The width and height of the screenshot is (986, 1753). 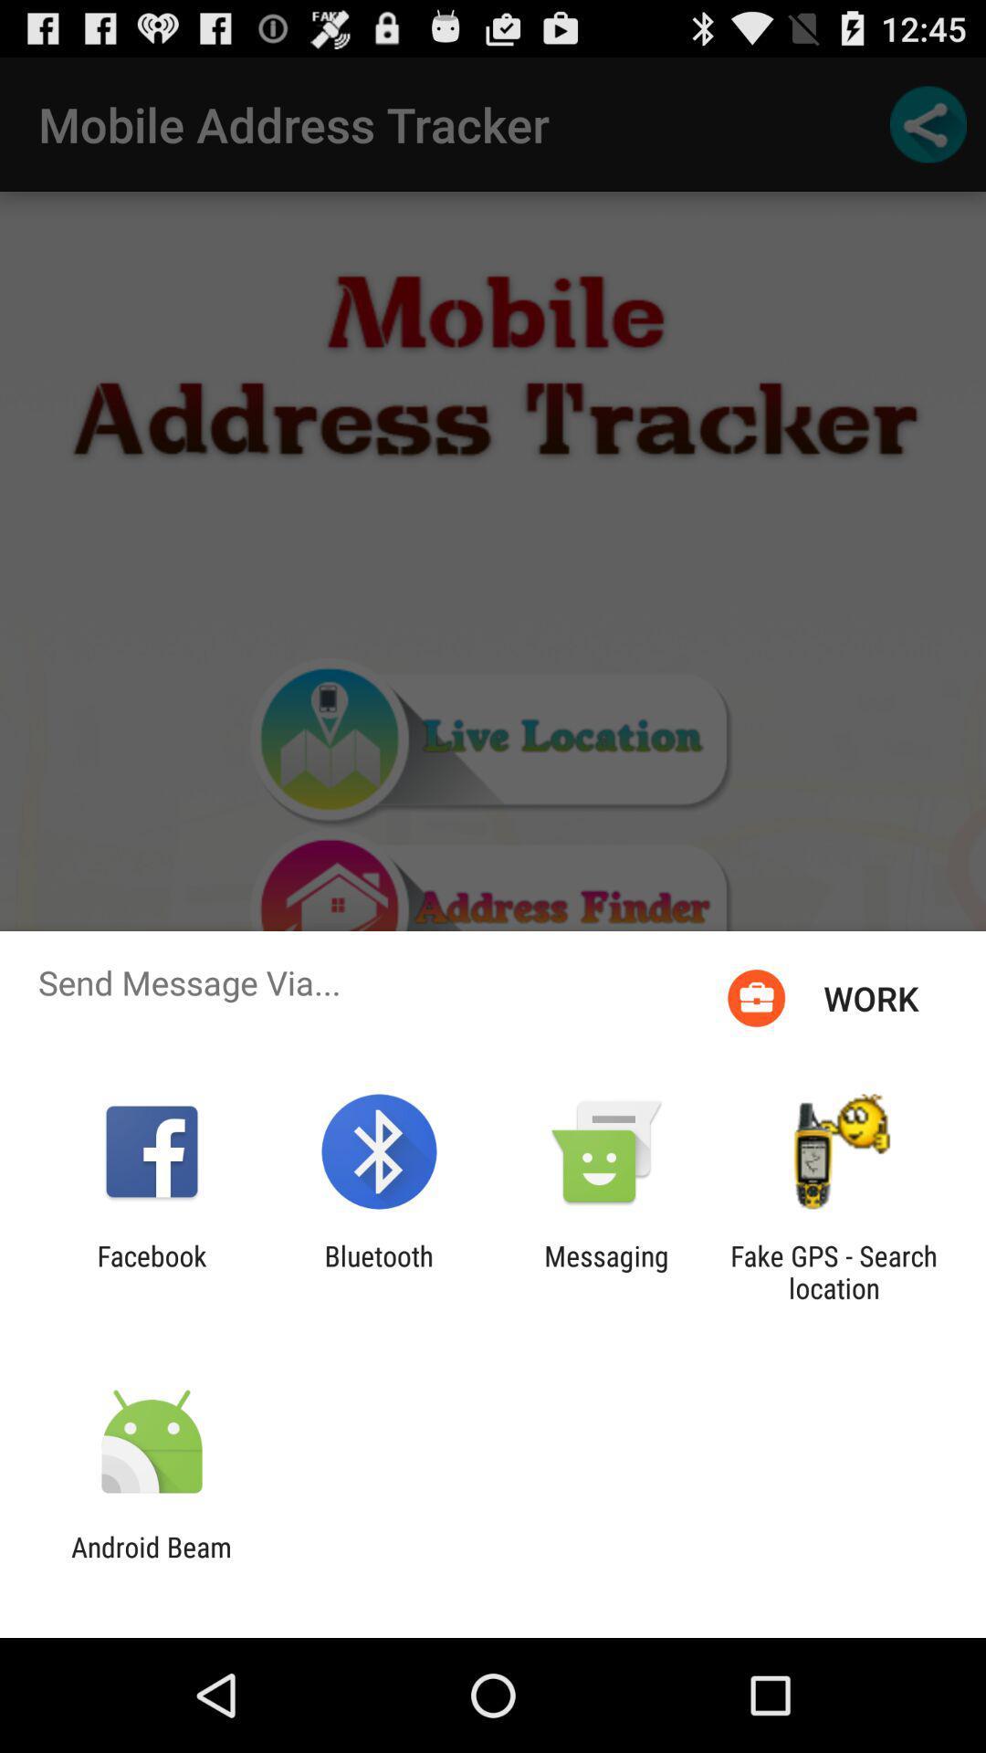 I want to click on the app at the bottom right corner, so click(x=834, y=1271).